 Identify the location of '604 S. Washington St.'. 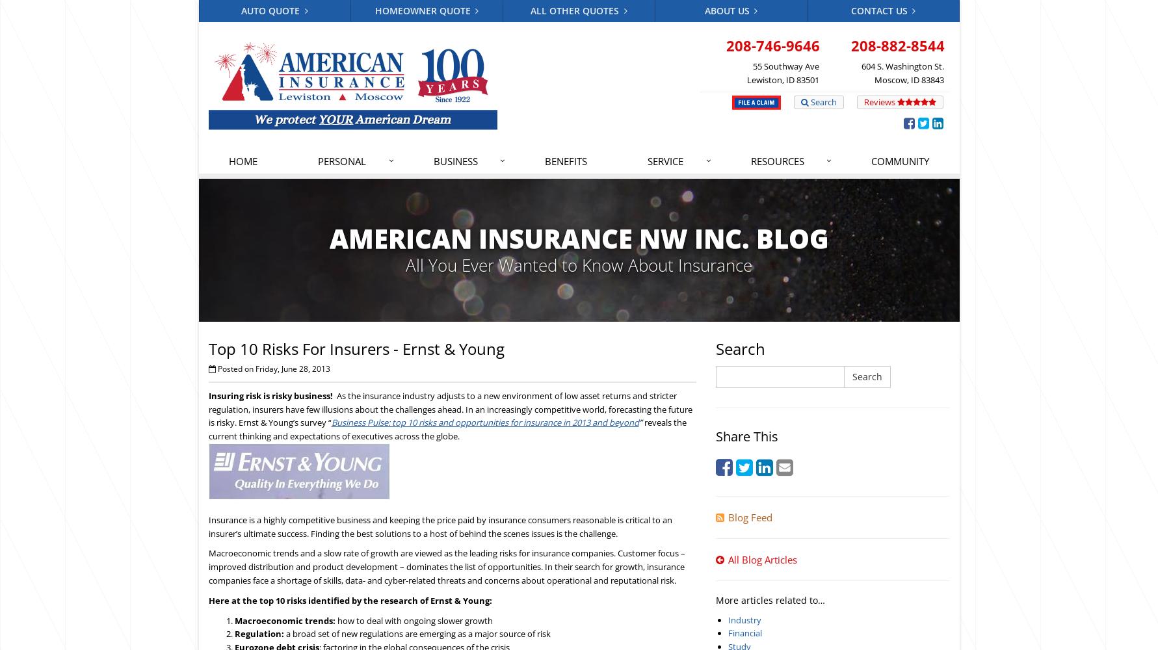
(901, 66).